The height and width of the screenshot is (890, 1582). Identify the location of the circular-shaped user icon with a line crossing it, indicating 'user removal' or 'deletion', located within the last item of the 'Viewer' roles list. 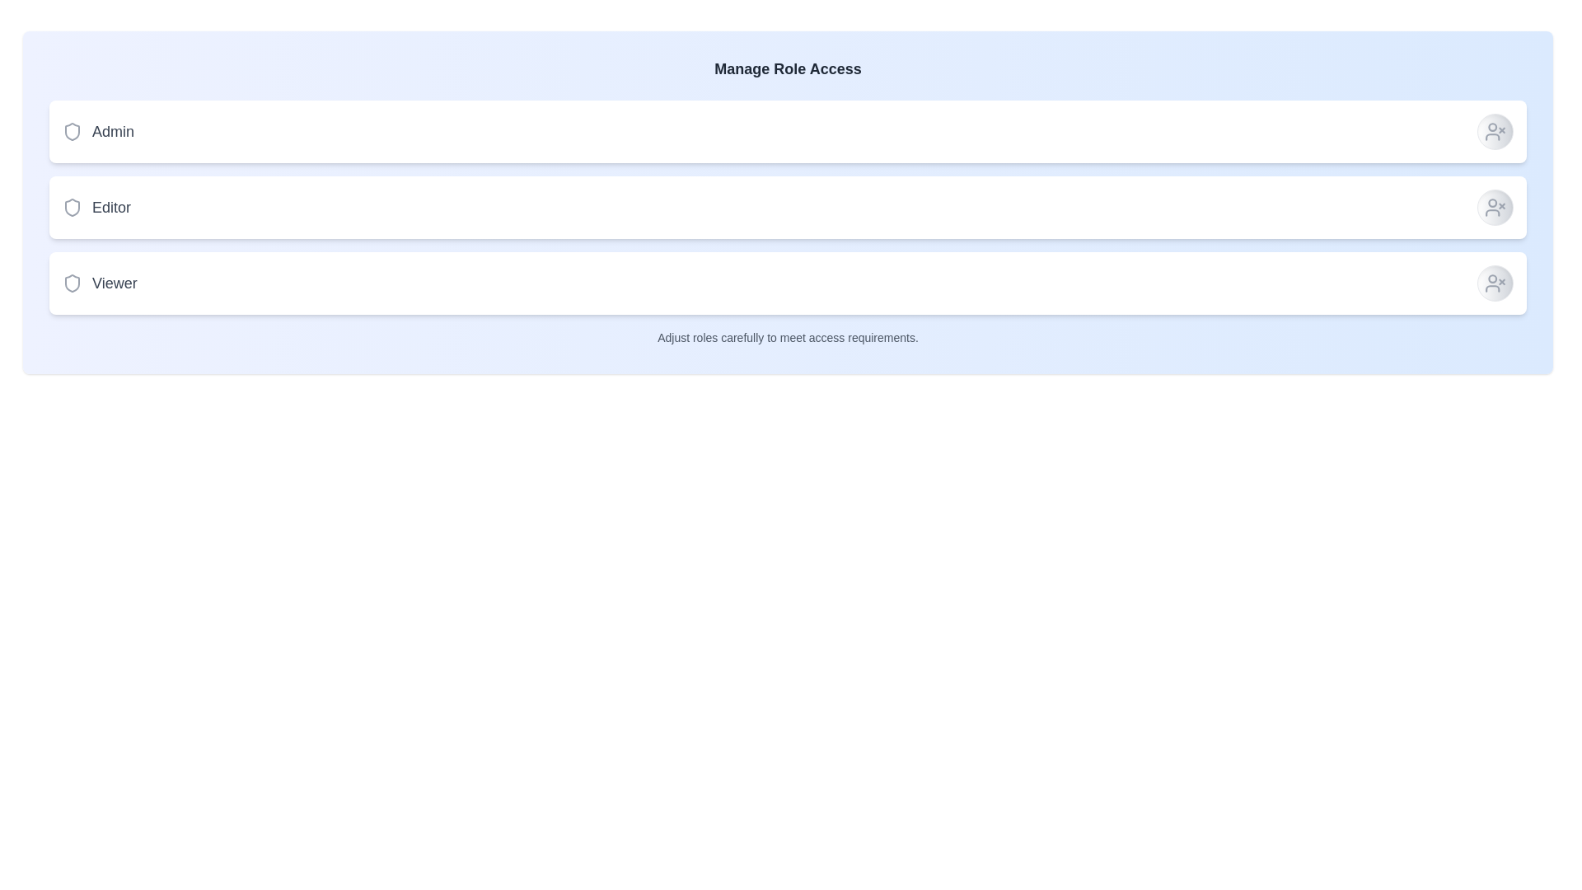
(1492, 278).